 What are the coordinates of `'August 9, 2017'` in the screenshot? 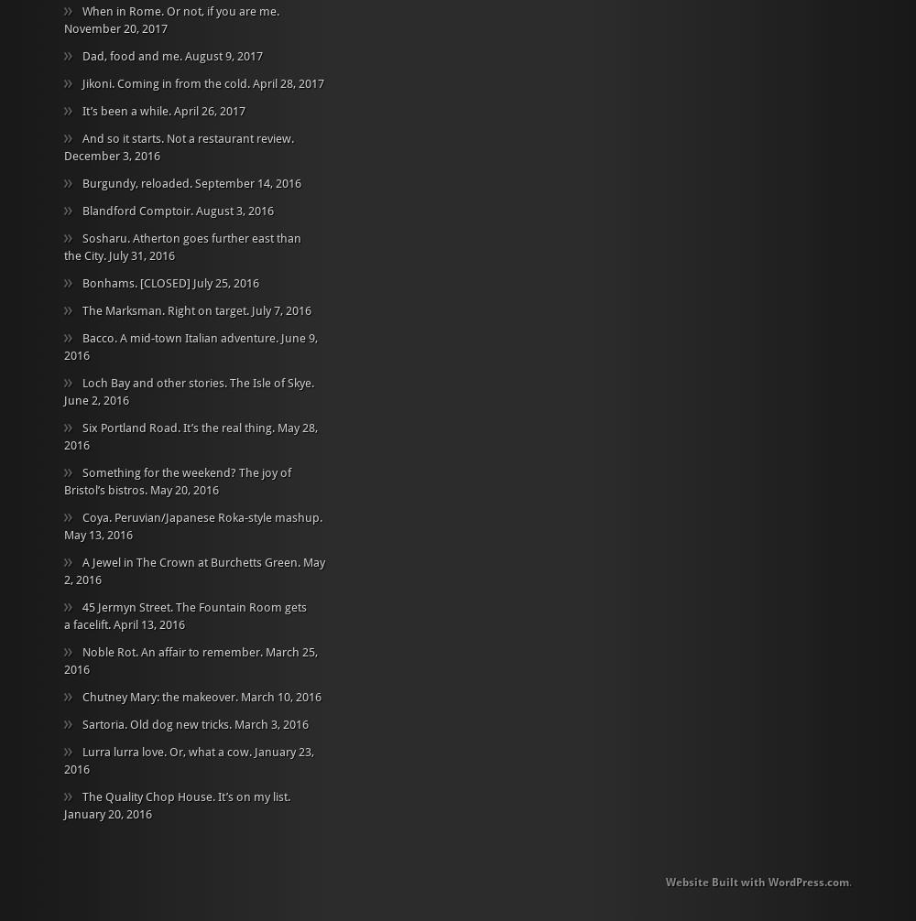 It's located at (184, 55).